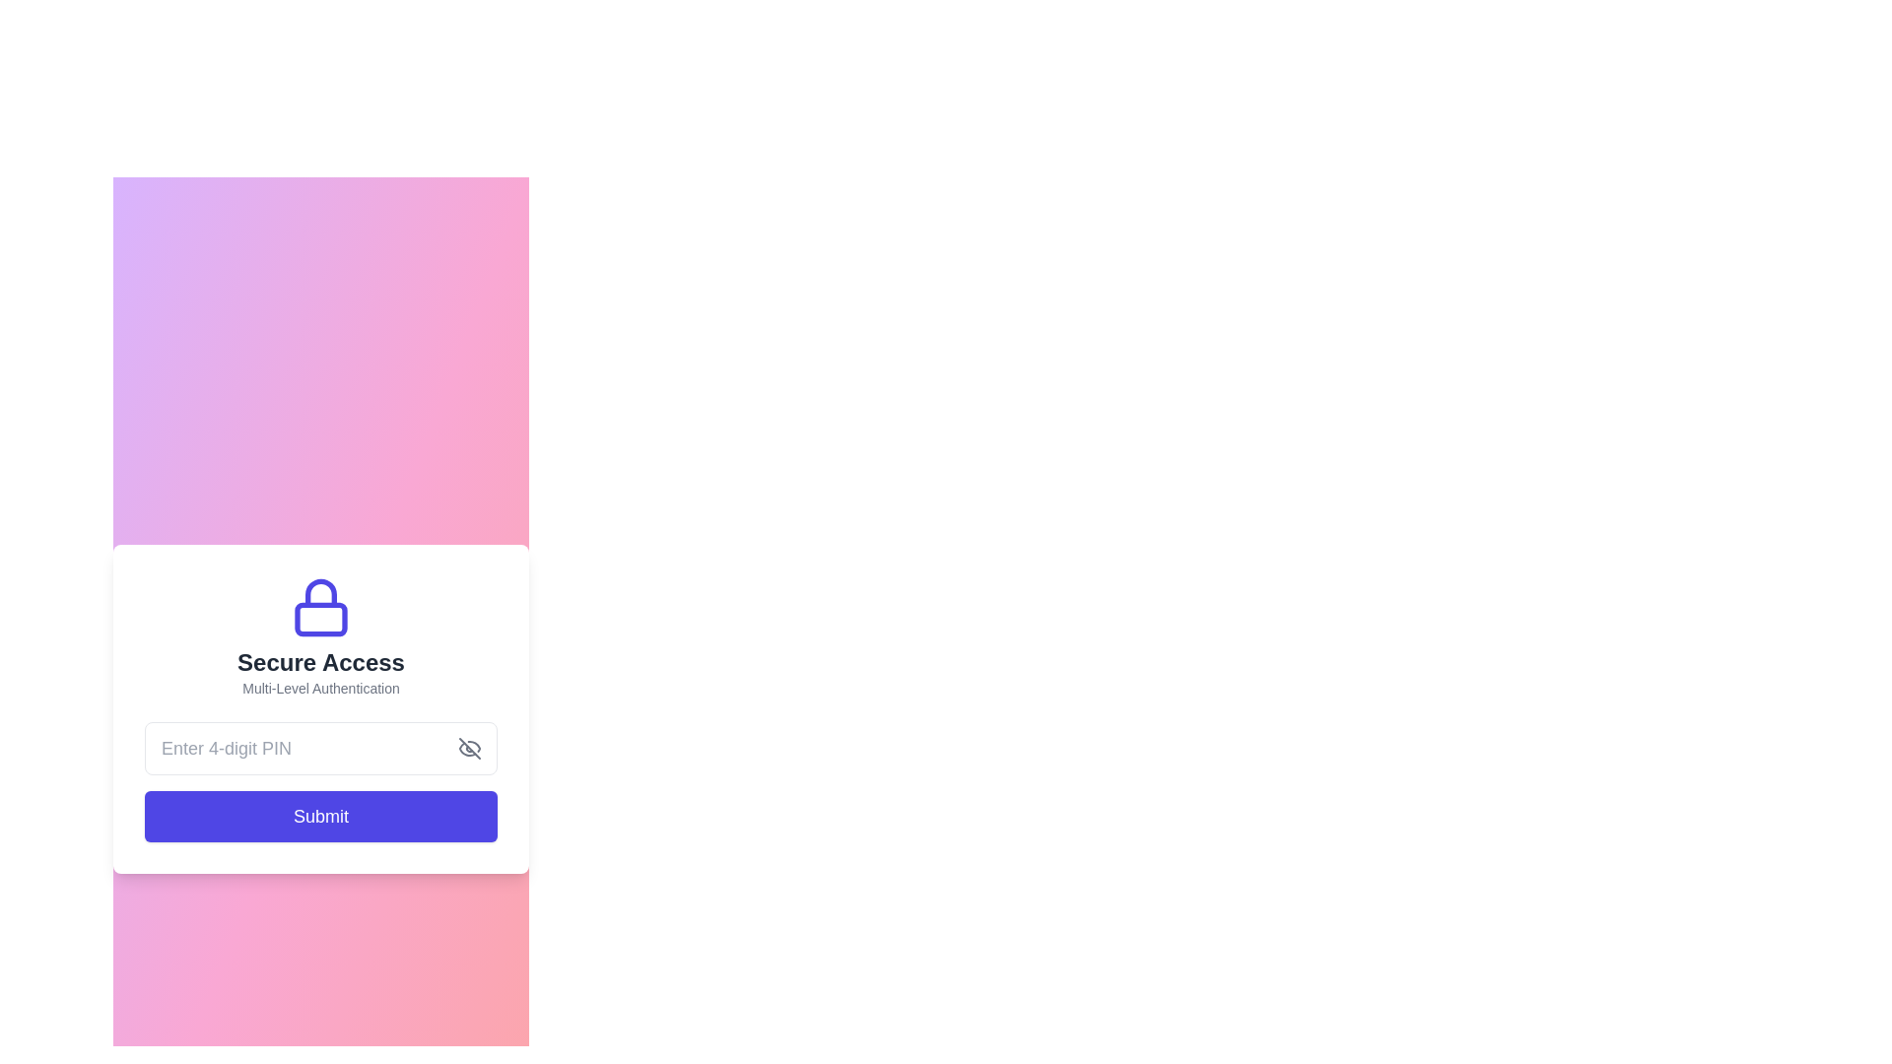 The image size is (1892, 1064). I want to click on the form submission button located at the bottom of the card component, so click(321, 817).